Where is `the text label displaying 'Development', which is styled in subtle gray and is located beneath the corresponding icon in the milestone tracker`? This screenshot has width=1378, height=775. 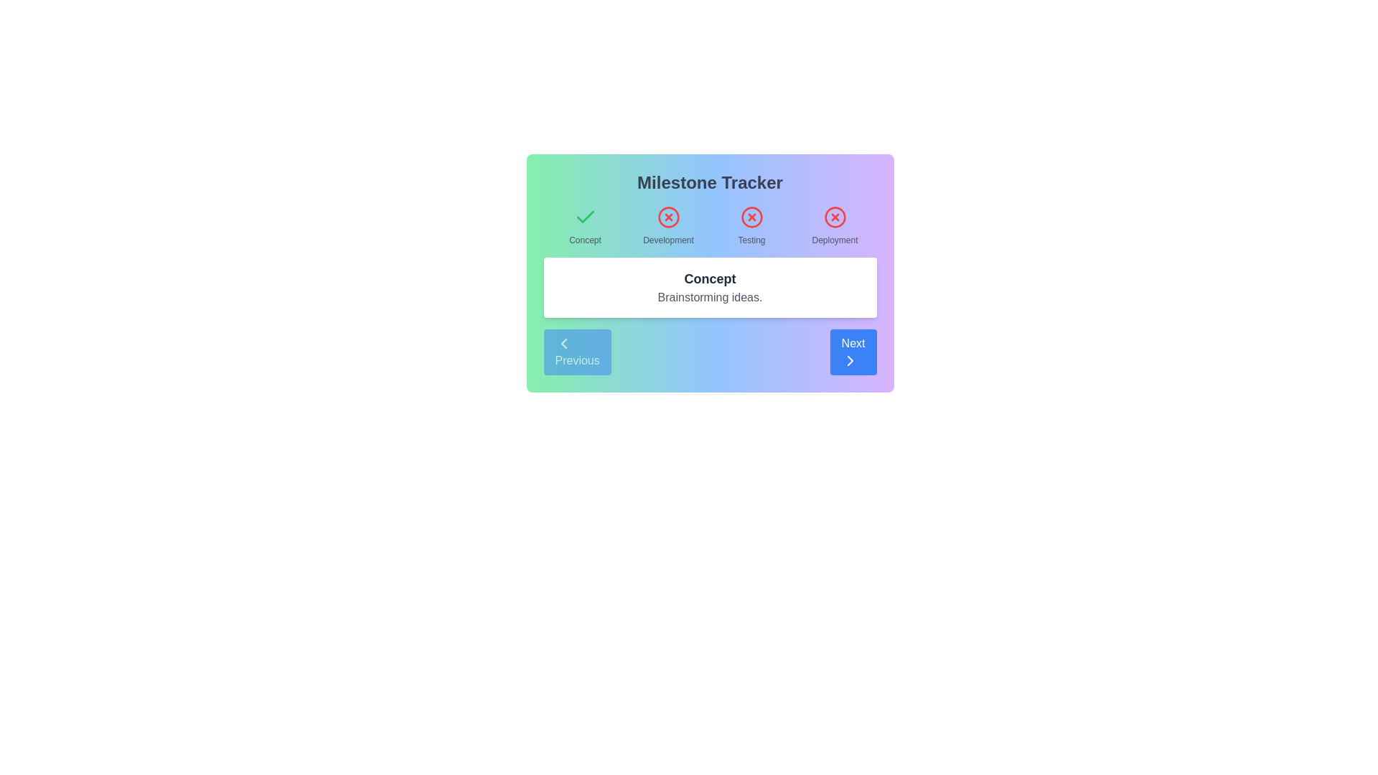
the text label displaying 'Development', which is styled in subtle gray and is located beneath the corresponding icon in the milestone tracker is located at coordinates (667, 240).